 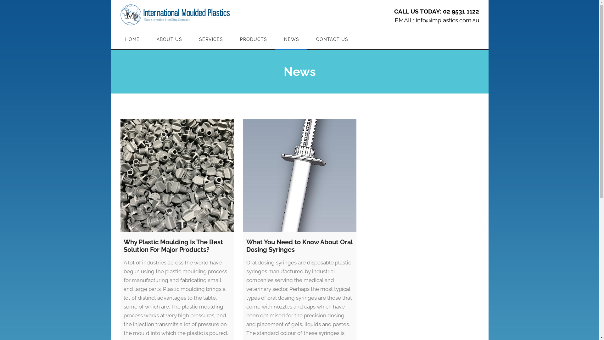 I want to click on 'HOME', so click(x=116, y=39).